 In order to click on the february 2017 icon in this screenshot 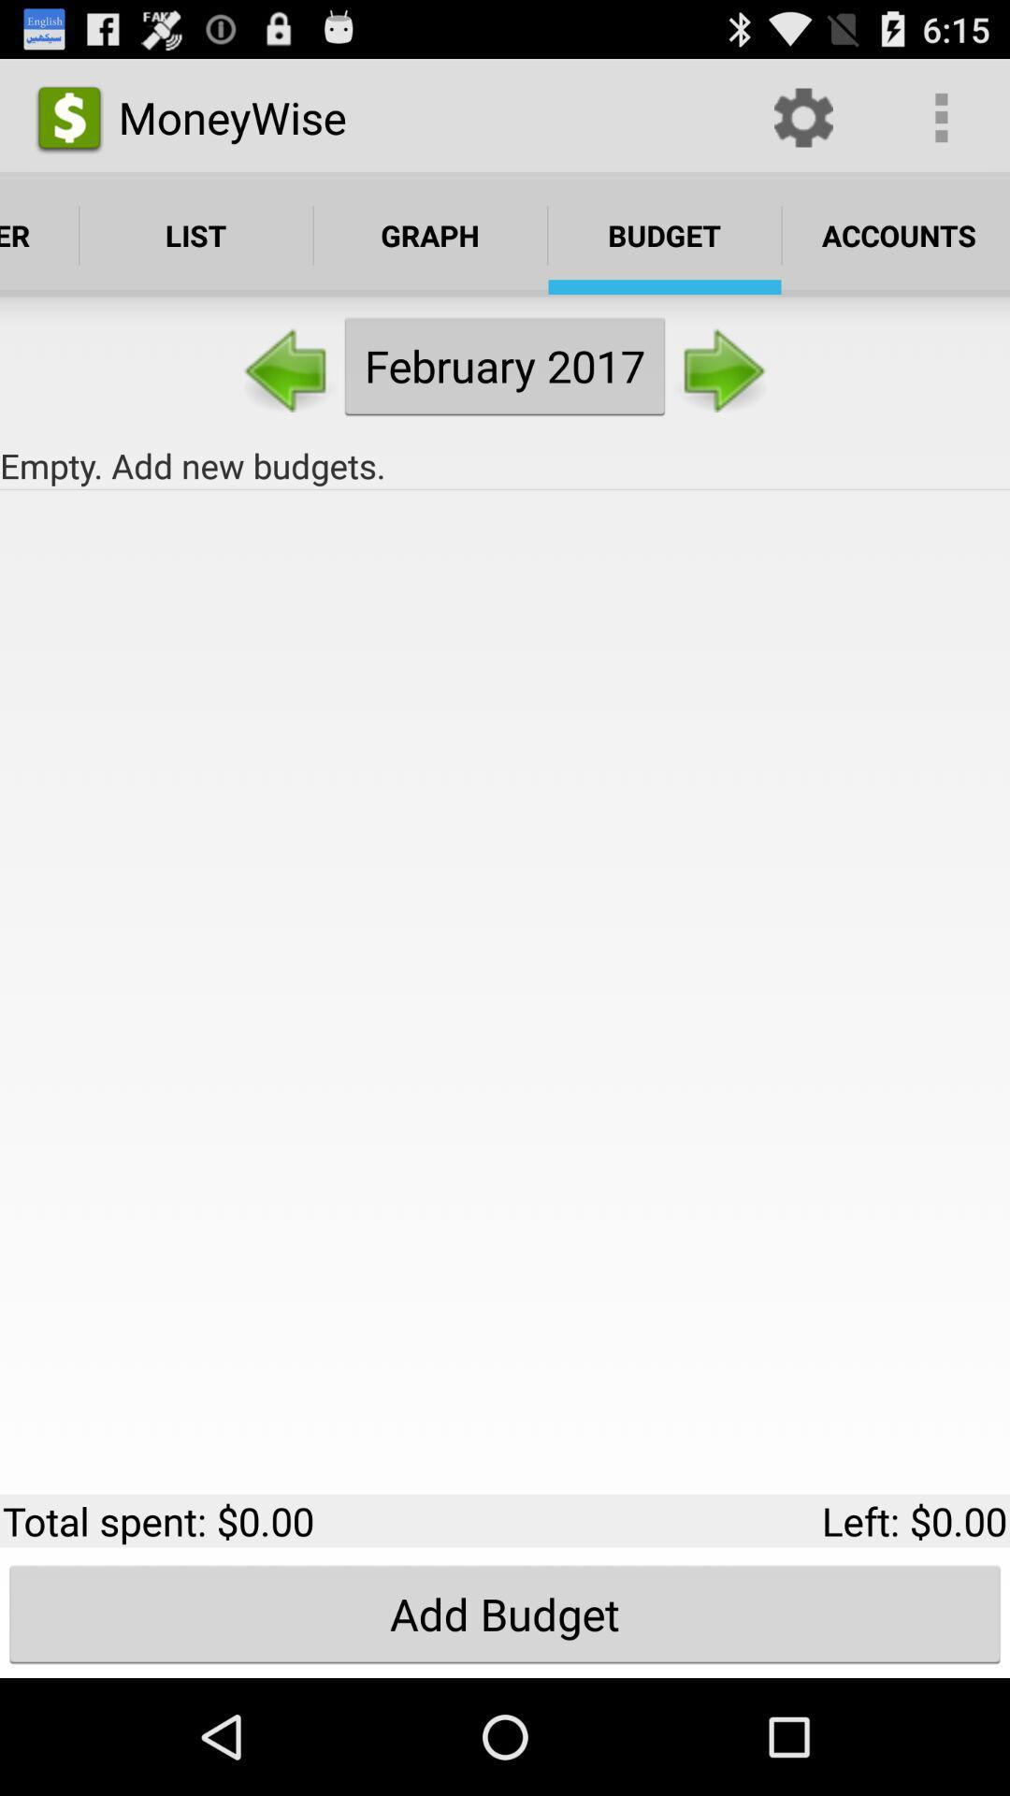, I will do `click(505, 366)`.